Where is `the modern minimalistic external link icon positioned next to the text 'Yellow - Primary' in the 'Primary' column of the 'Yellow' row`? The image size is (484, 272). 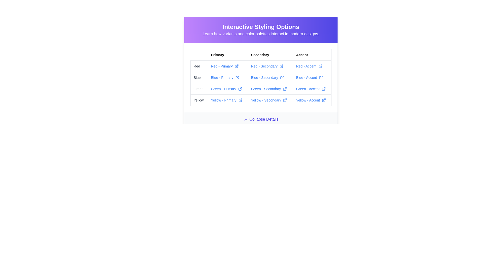 the modern minimalistic external link icon positioned next to the text 'Yellow - Primary' in the 'Primary' column of the 'Yellow' row is located at coordinates (240, 100).